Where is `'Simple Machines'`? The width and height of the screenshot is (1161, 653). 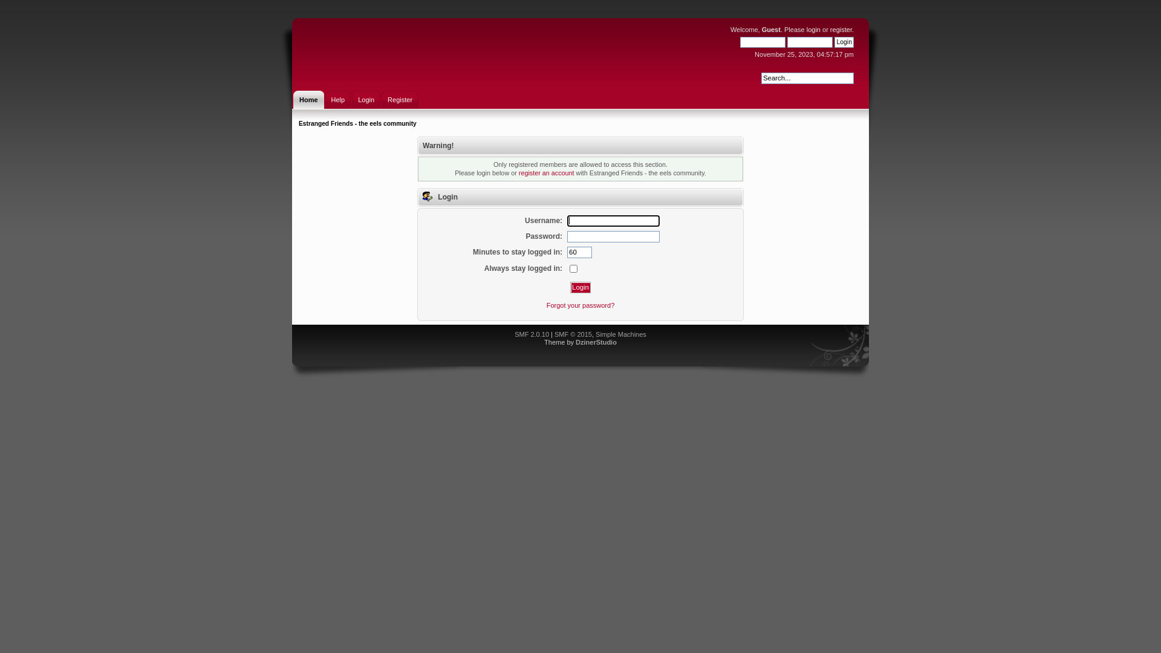
'Simple Machines' is located at coordinates (595, 334).